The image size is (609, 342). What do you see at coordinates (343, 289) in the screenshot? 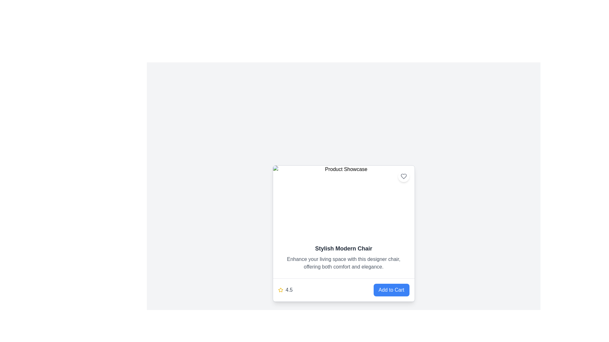
I see `the button located at the bottom section of the card layout for the 'Stylish Modern Chair' to trigger an action` at bounding box center [343, 289].